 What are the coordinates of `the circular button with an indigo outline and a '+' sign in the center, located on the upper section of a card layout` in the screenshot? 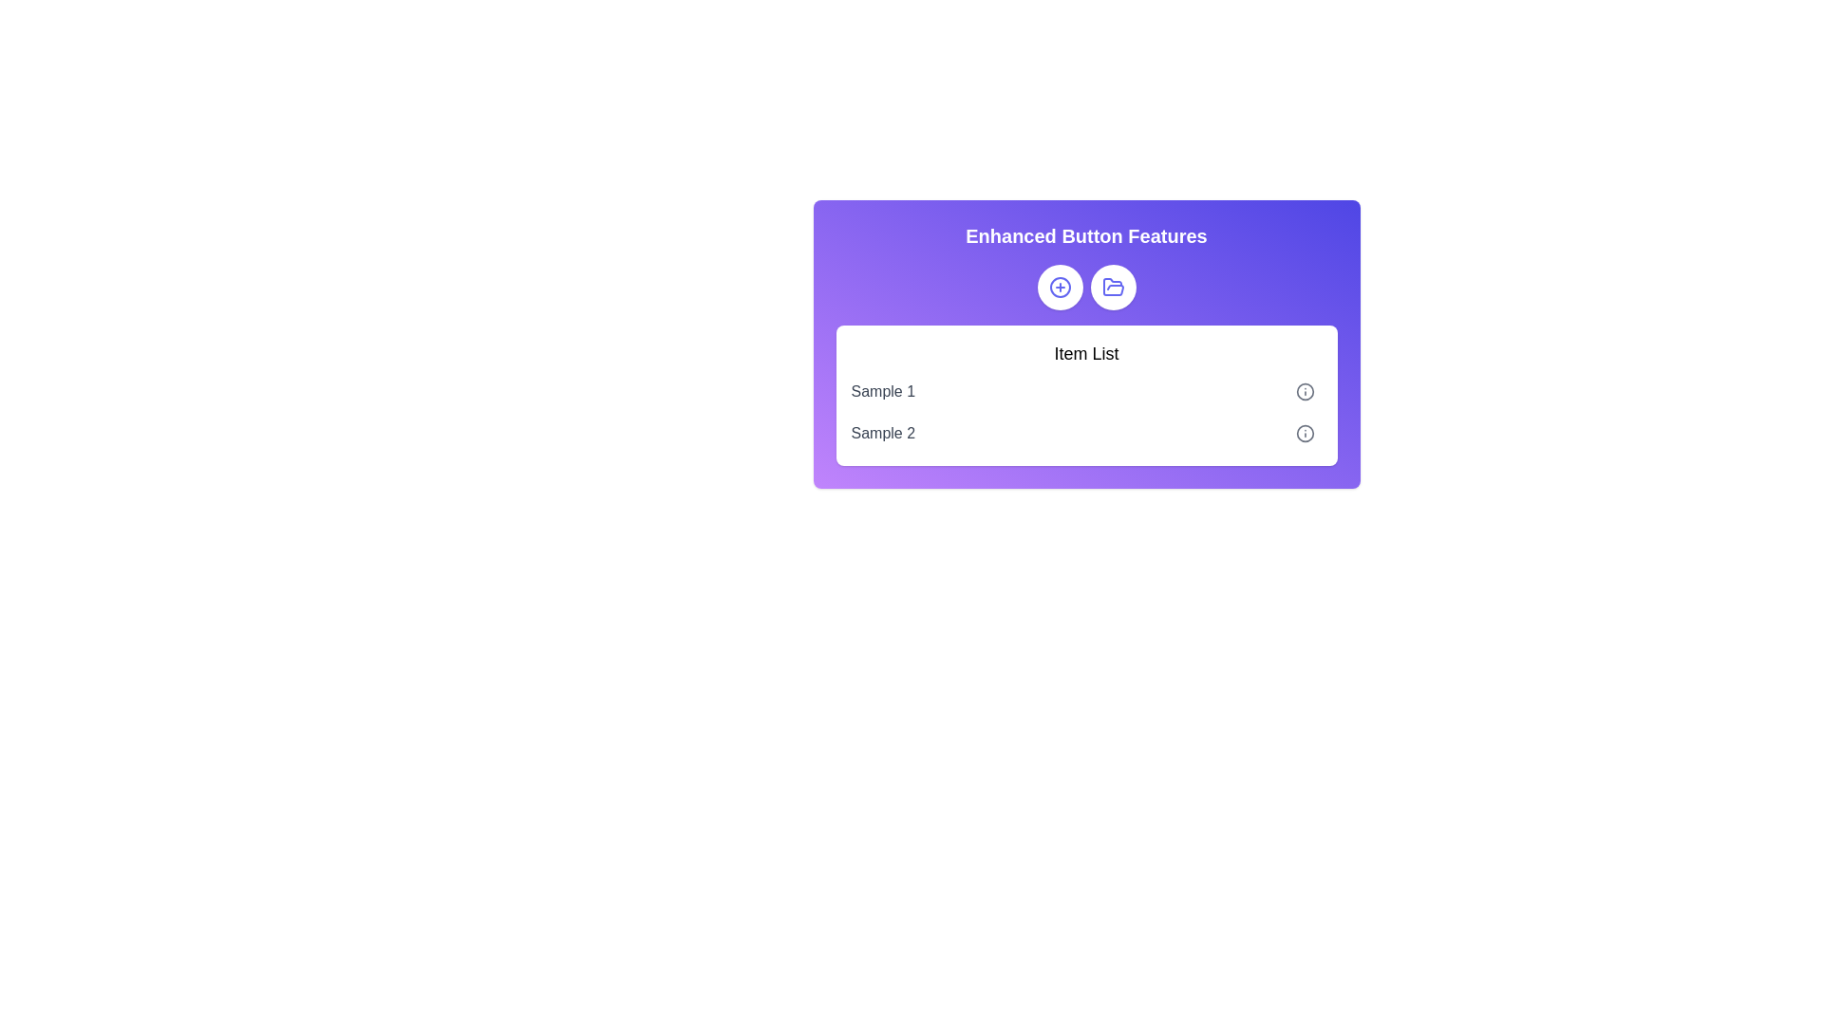 It's located at (1059, 288).